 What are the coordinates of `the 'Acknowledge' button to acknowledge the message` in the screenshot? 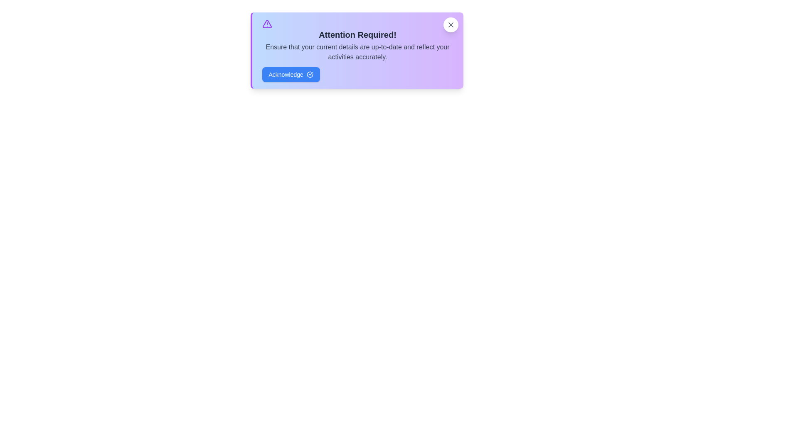 It's located at (291, 75).